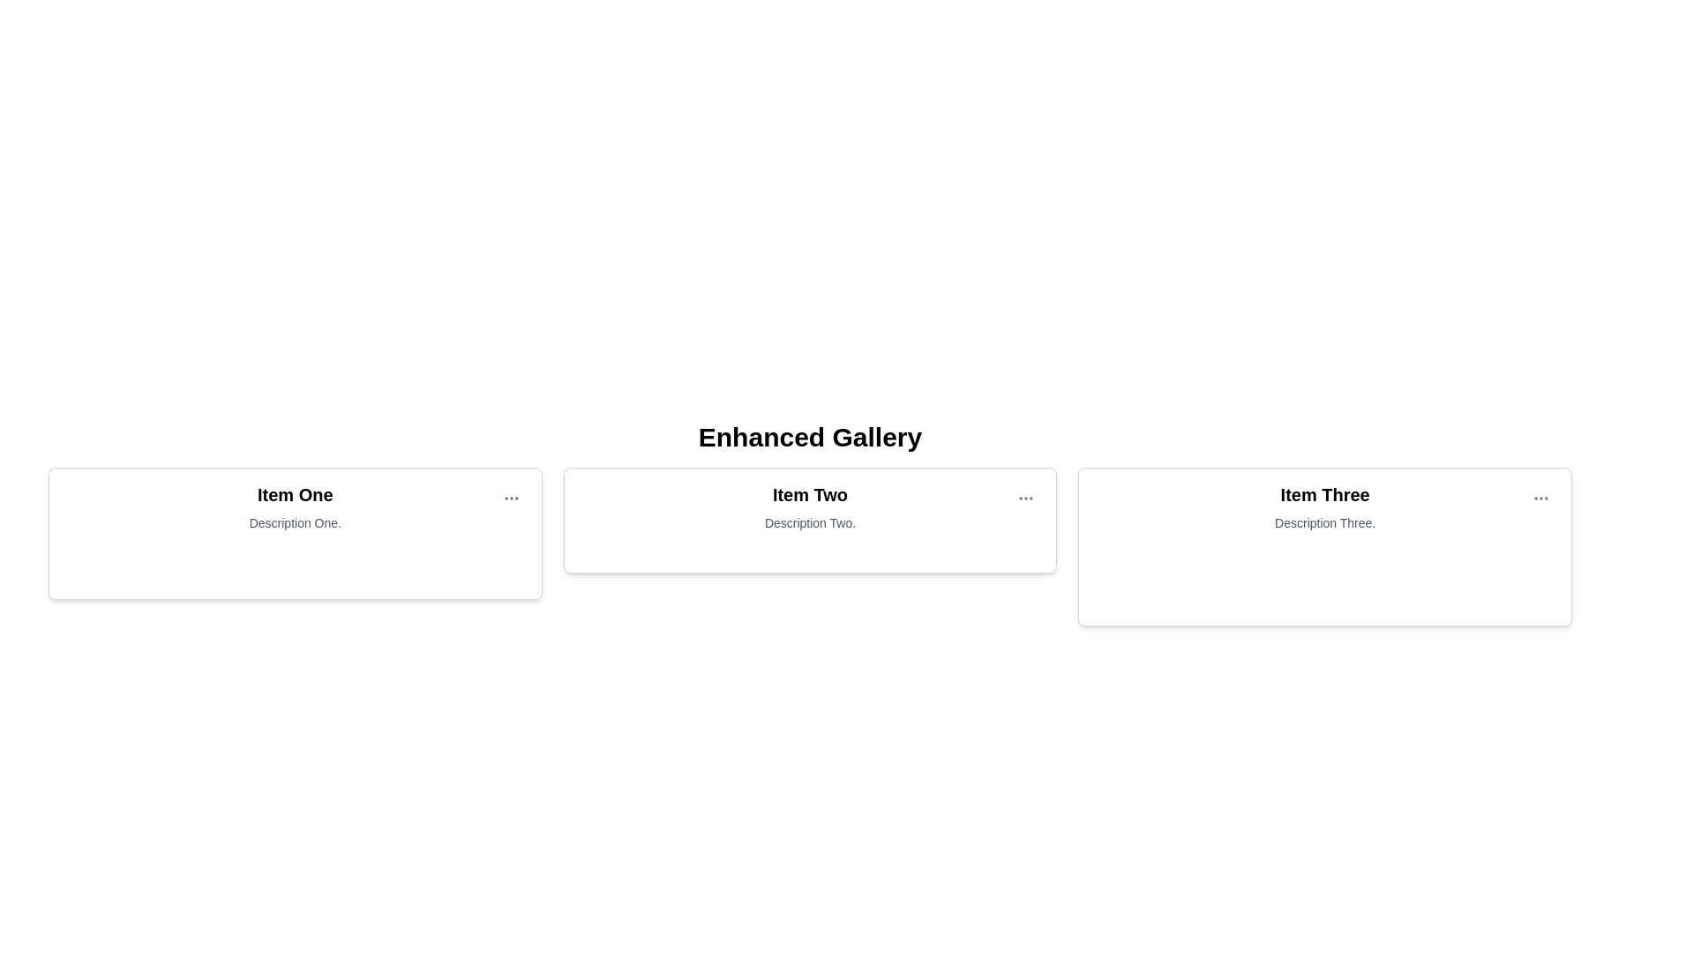 The height and width of the screenshot is (953, 1694). I want to click on the button consisting of three horizontally aligned dots in the upper-right corner of the card labeled 'Item Three', so click(1540, 498).